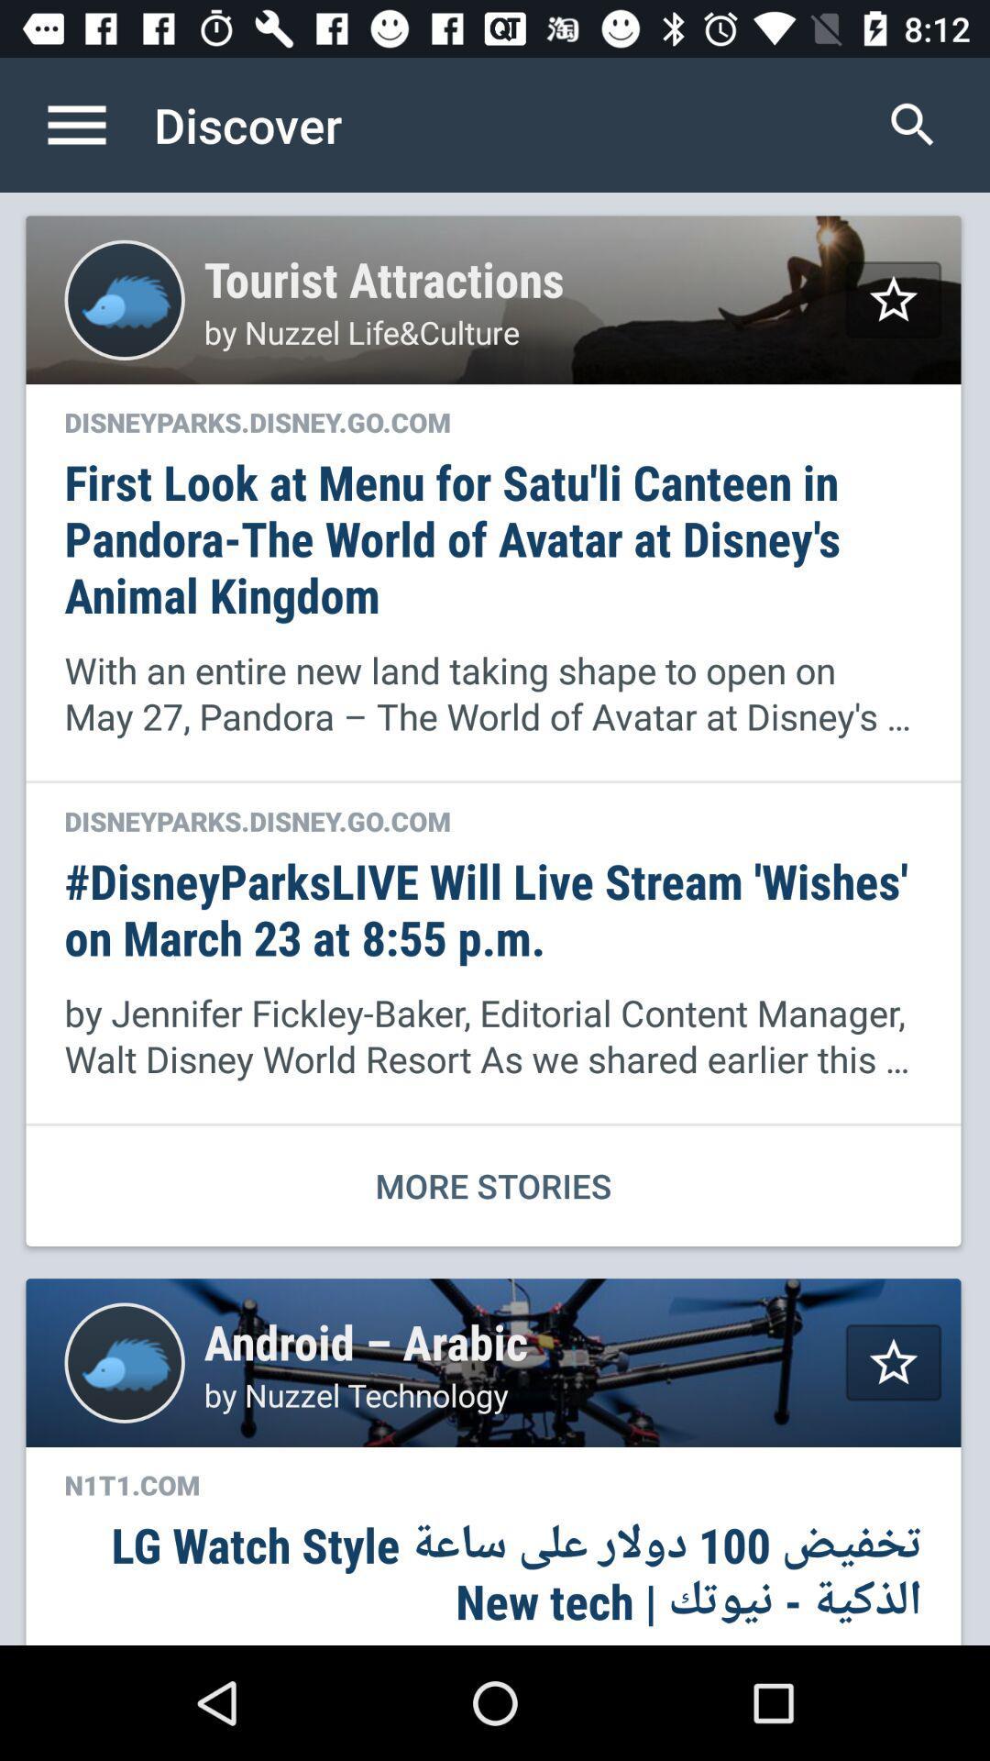  I want to click on the item to the left of discover, so click(95, 124).